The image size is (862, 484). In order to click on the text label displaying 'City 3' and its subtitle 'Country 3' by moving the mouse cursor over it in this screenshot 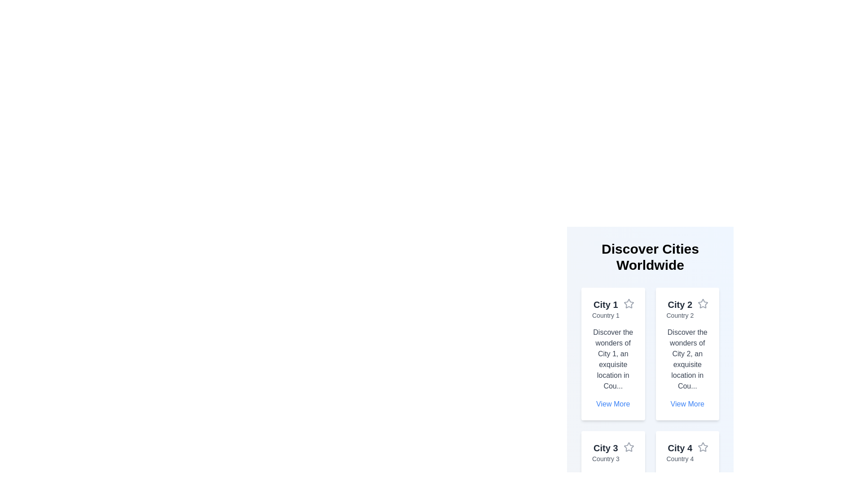, I will do `click(606, 453)`.